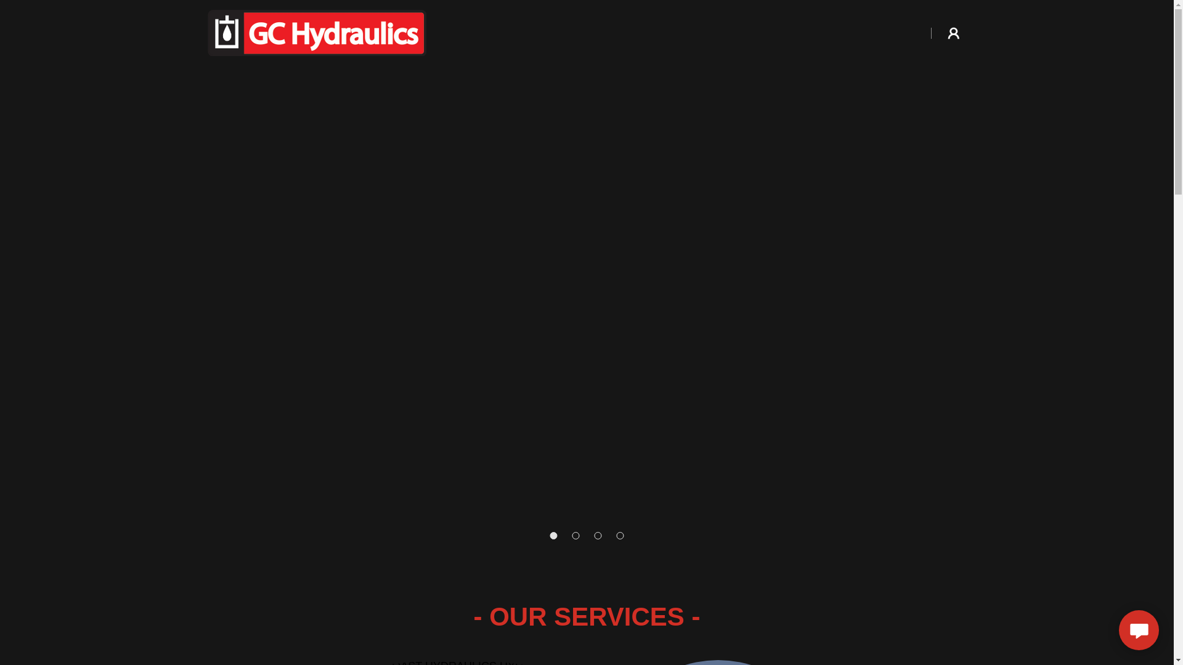 The width and height of the screenshot is (1183, 665). What do you see at coordinates (316, 31) in the screenshot?
I see `'GC Hydraulics'` at bounding box center [316, 31].